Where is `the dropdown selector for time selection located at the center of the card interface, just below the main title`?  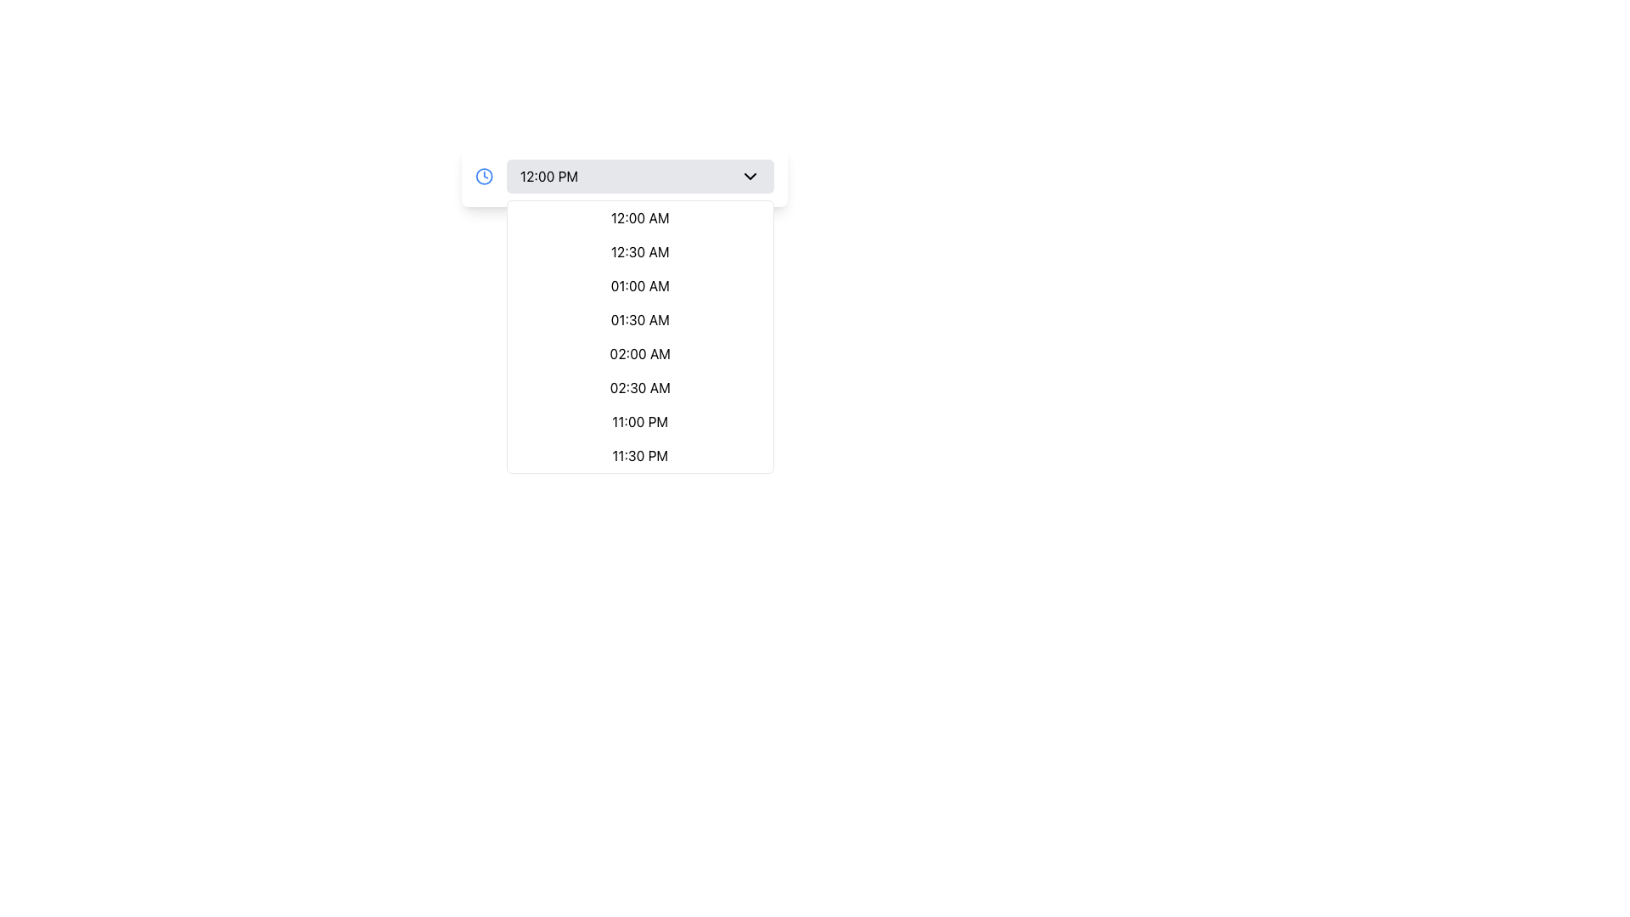
the dropdown selector for time selection located at the center of the card interface, just below the main title is located at coordinates (623, 177).